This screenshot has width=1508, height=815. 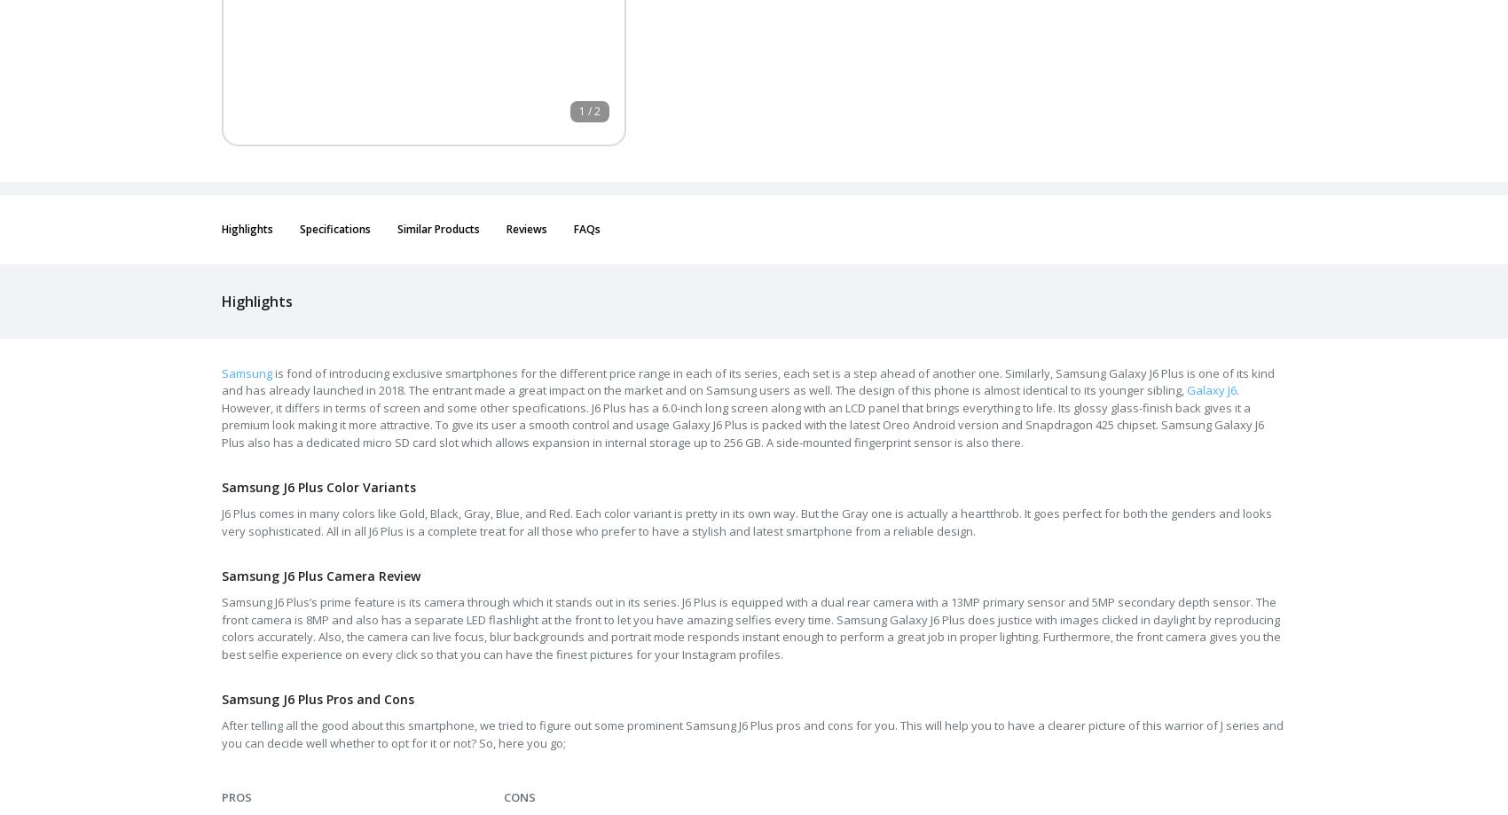 What do you see at coordinates (222, 733) in the screenshot?
I see `'After telling all the good about this smartphone, we tried to figure out some prominent Samsung J6 Plus pros and cons for you. This will help you to have a clearer picture of this warrior of J series and you can decide well whether to opt for it or not? So, here you go;'` at bounding box center [222, 733].